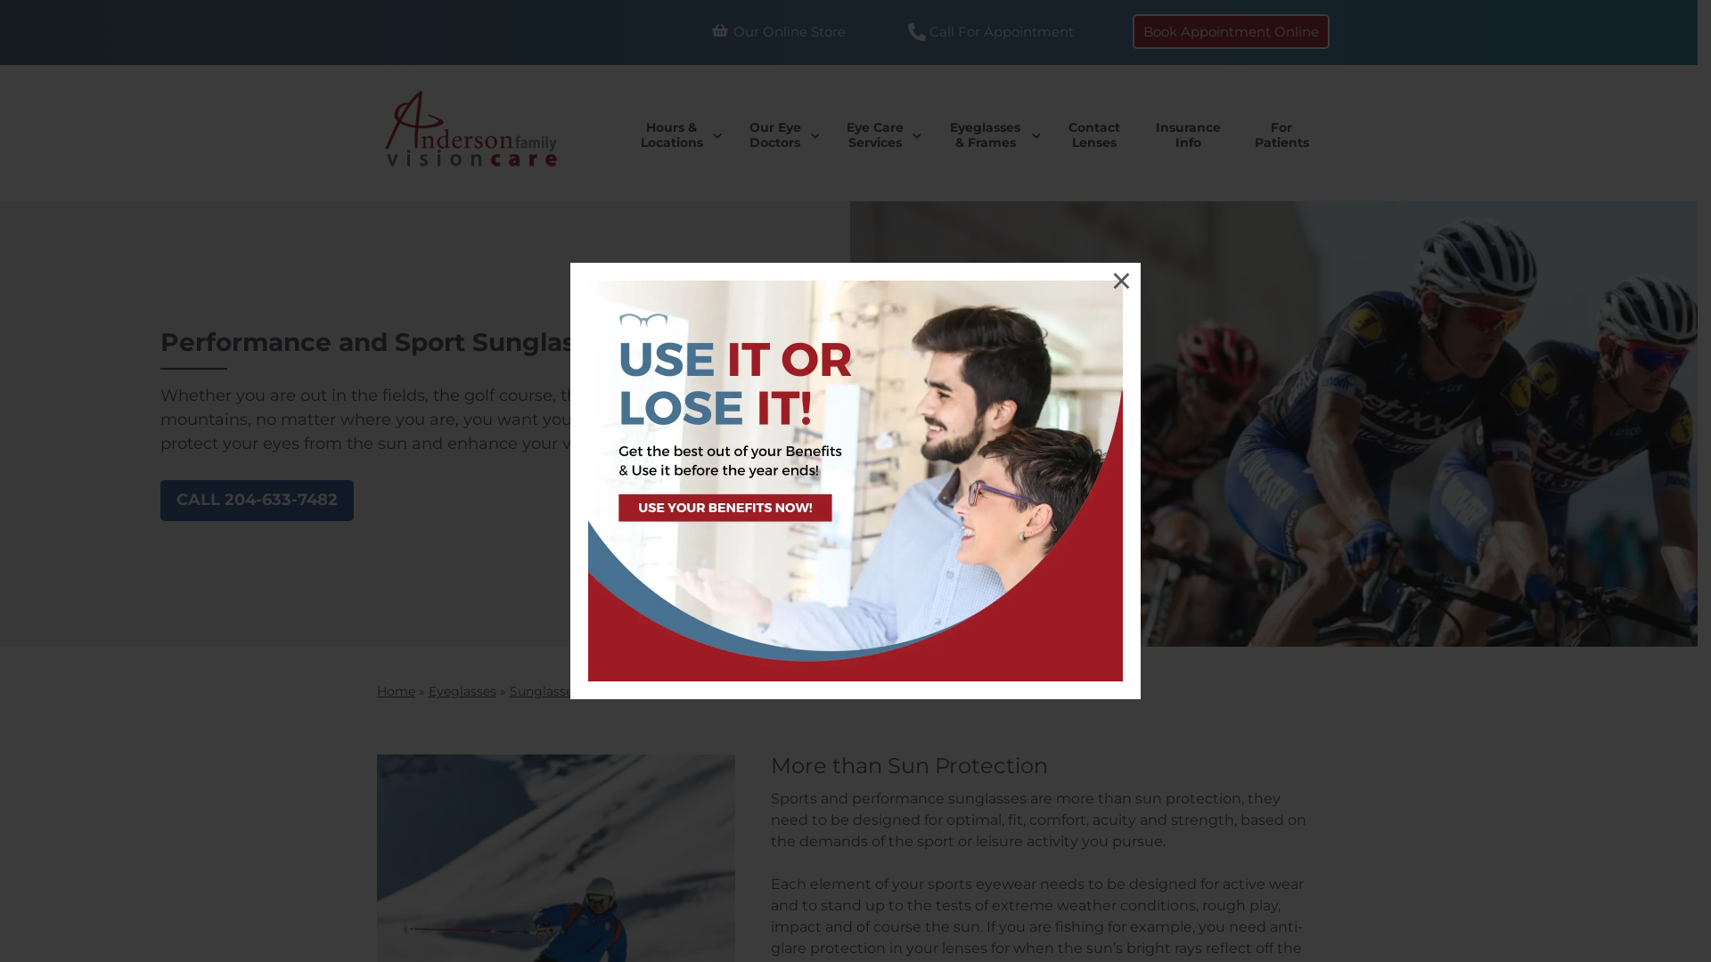 This screenshot has width=1711, height=962. What do you see at coordinates (929, 134) in the screenshot?
I see `'Eyeglasses & Frames'` at bounding box center [929, 134].